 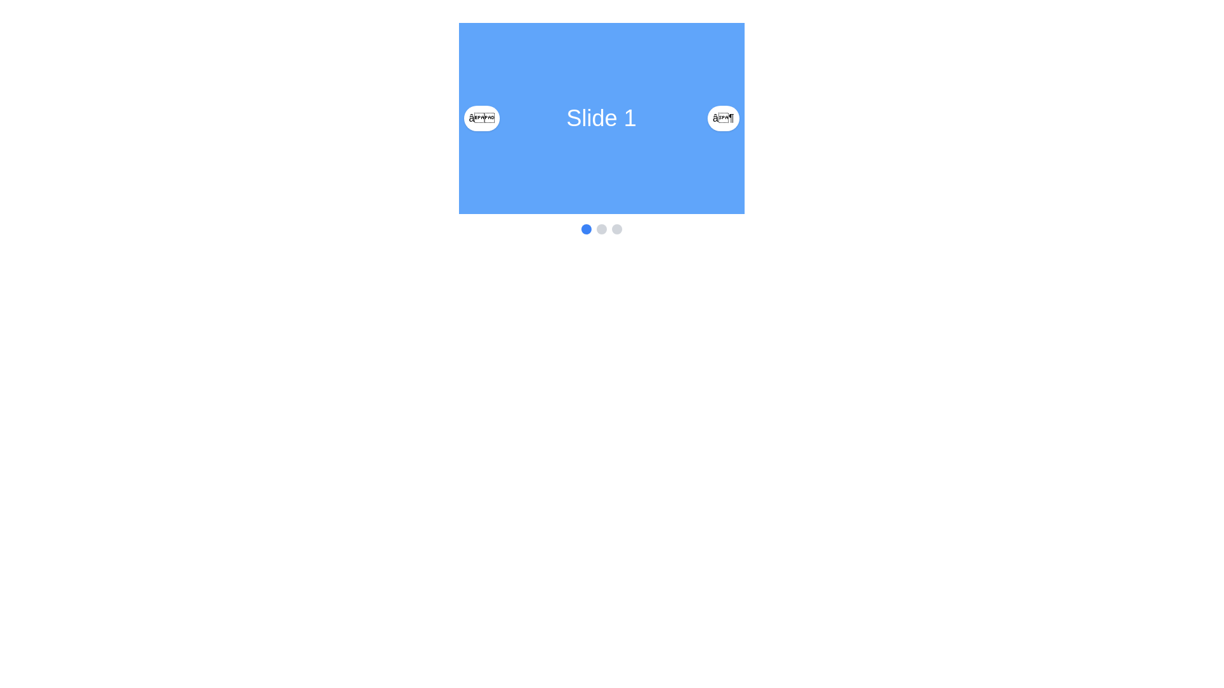 What do you see at coordinates (585, 228) in the screenshot?
I see `the leftmost circular navigation button located beneath the 'Slide 1' area` at bounding box center [585, 228].